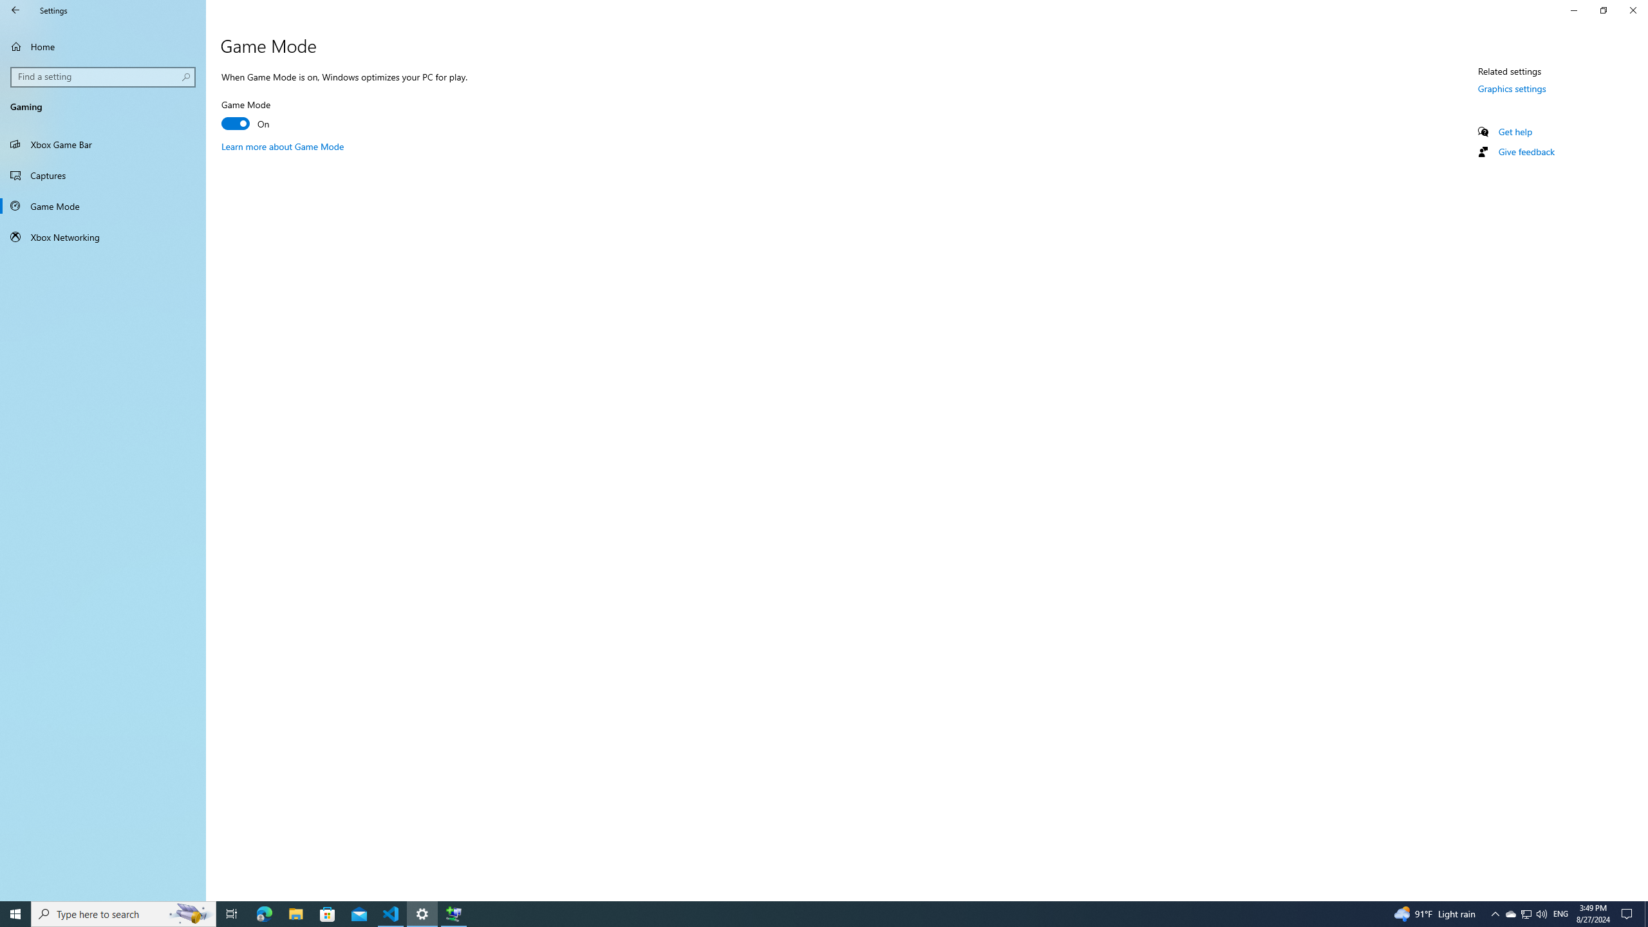 The width and height of the screenshot is (1648, 927). I want to click on 'Get help', so click(1514, 131).